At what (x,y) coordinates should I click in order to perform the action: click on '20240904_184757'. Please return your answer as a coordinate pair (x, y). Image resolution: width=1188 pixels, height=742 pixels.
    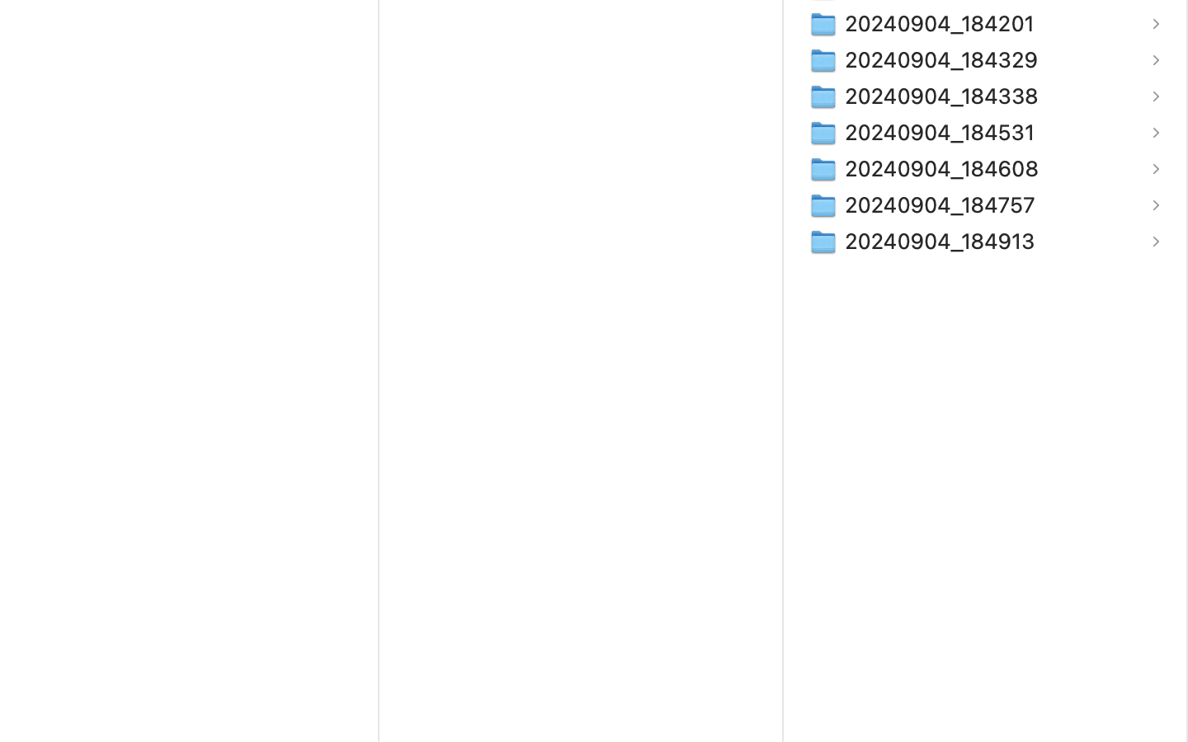
    Looking at the image, I should click on (943, 204).